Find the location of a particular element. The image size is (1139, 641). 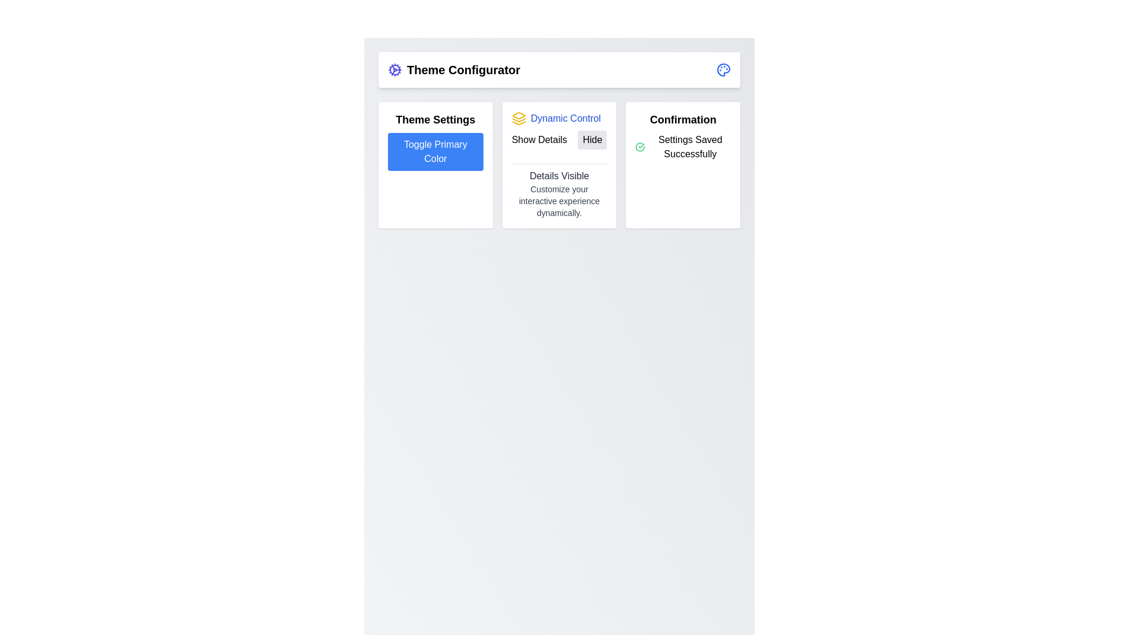

the graphical icon representing a stack or layers is located at coordinates (518, 123).